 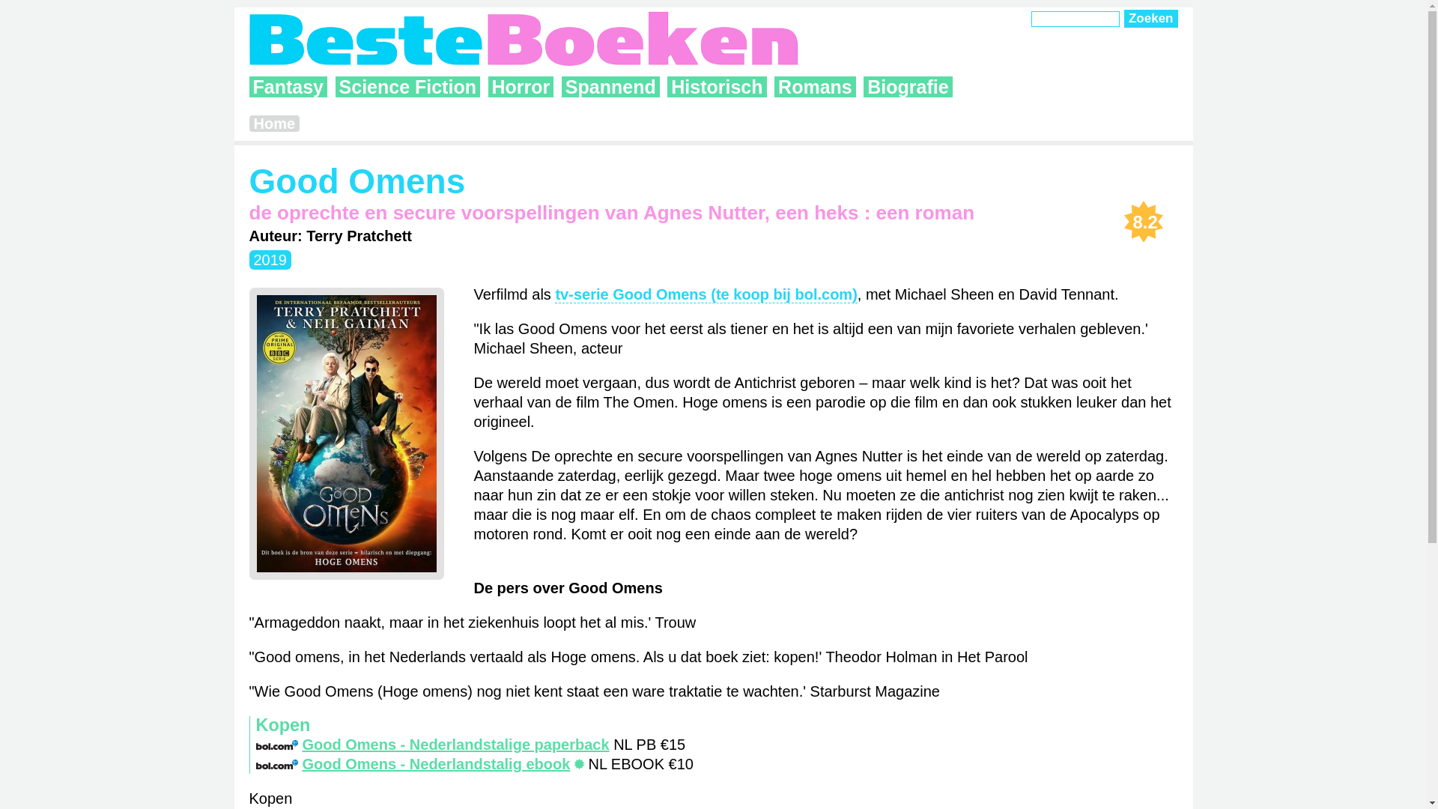 What do you see at coordinates (610, 86) in the screenshot?
I see `'Spannend'` at bounding box center [610, 86].